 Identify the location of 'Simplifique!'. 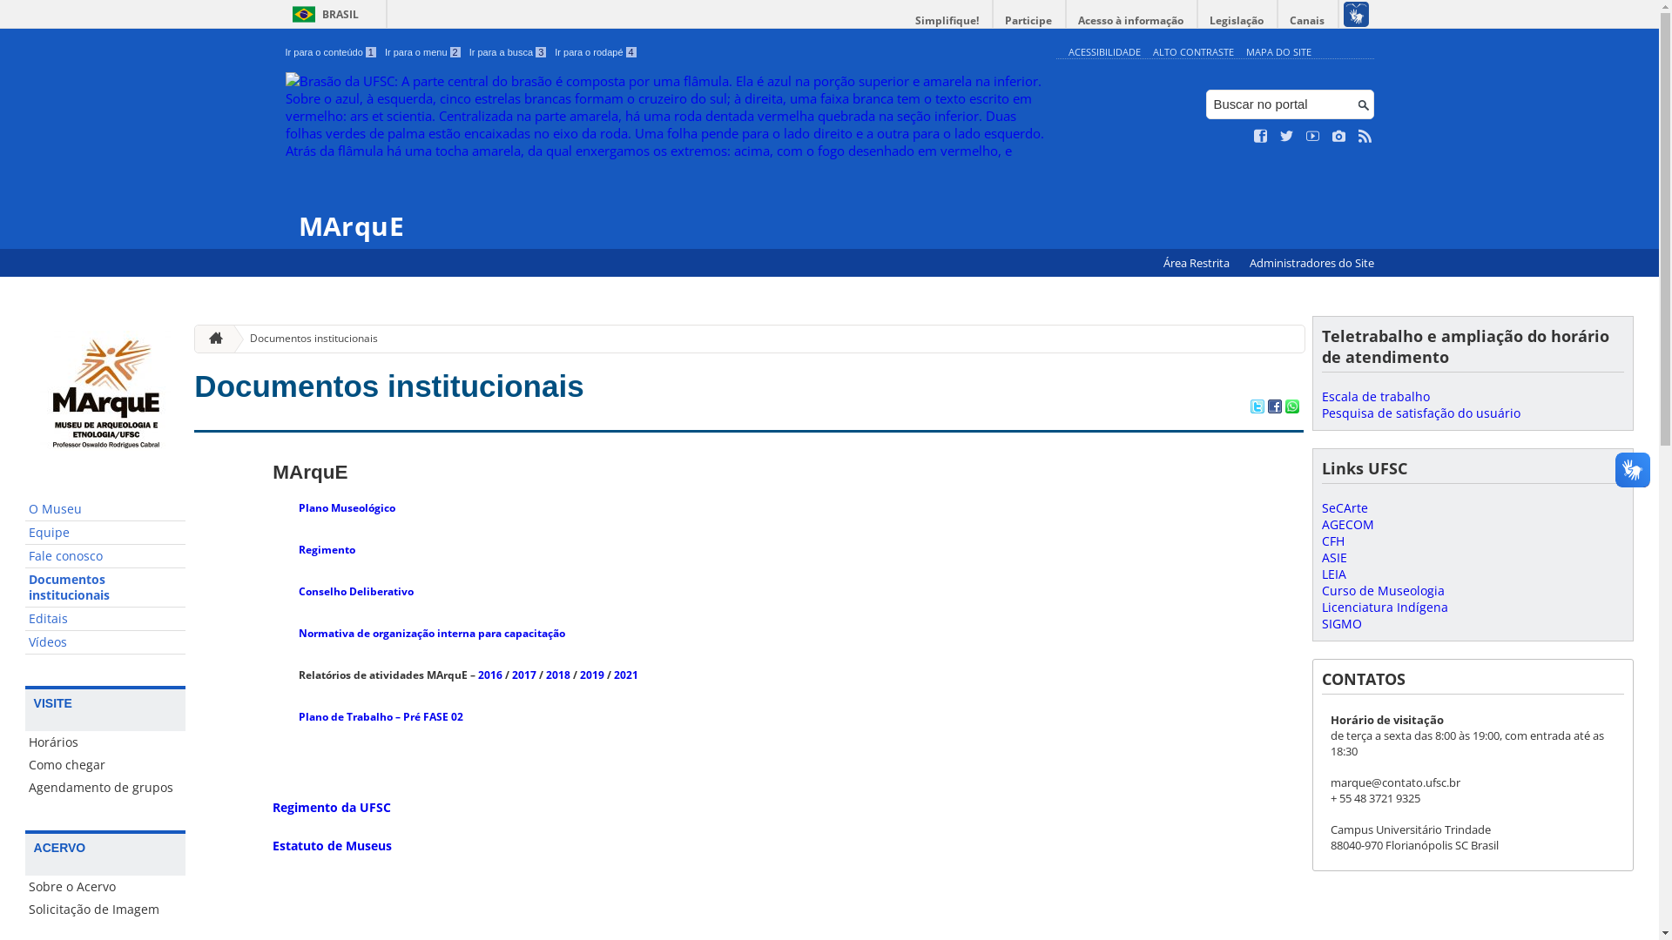
(947, 20).